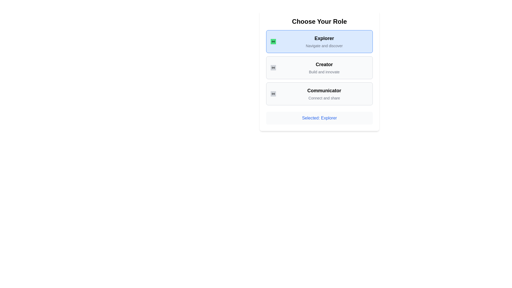  What do you see at coordinates (324, 46) in the screenshot?
I see `supplementary text label providing context for the 'Explorer' section located directly below the bold header 'Explorer' in the 'Choose Your Role' interface` at bounding box center [324, 46].